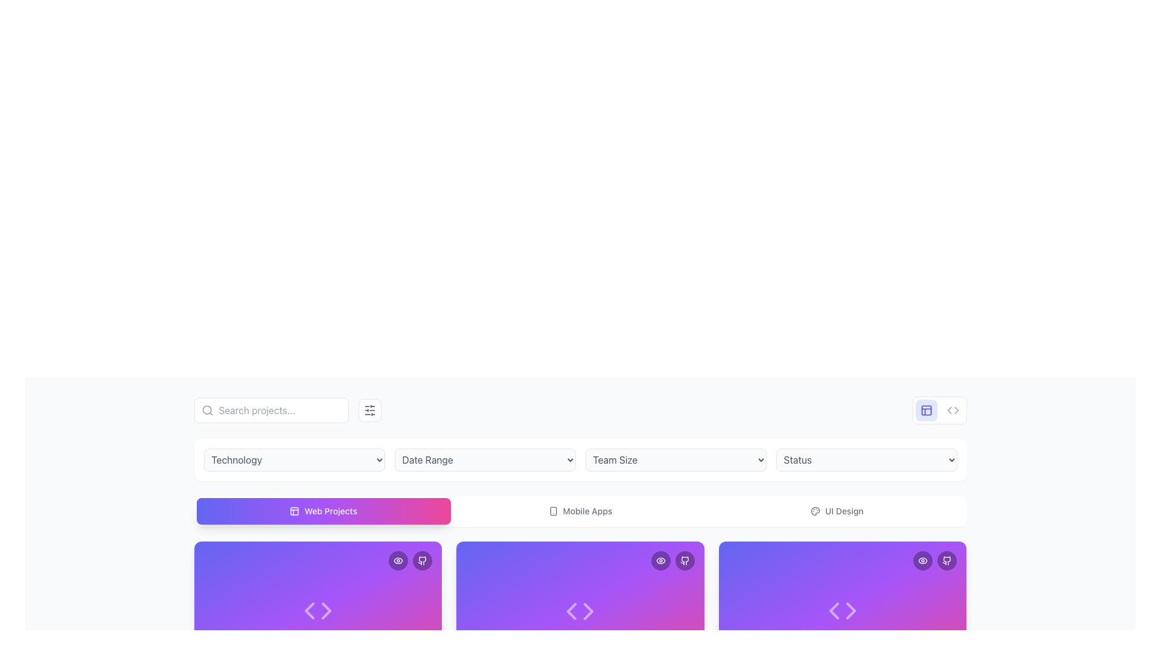 The height and width of the screenshot is (652, 1159). I want to click on the square button with rounded corners, featuring a white background, gray border, and an icon resembling horizontal sliders, located to the right of the search bar, so click(369, 409).